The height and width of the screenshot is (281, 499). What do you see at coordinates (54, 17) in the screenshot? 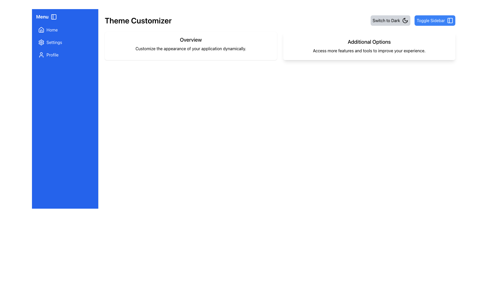
I see `the compact icon shaped like a vertical split panel located next to the 'Menu' text in the sidebar` at bounding box center [54, 17].